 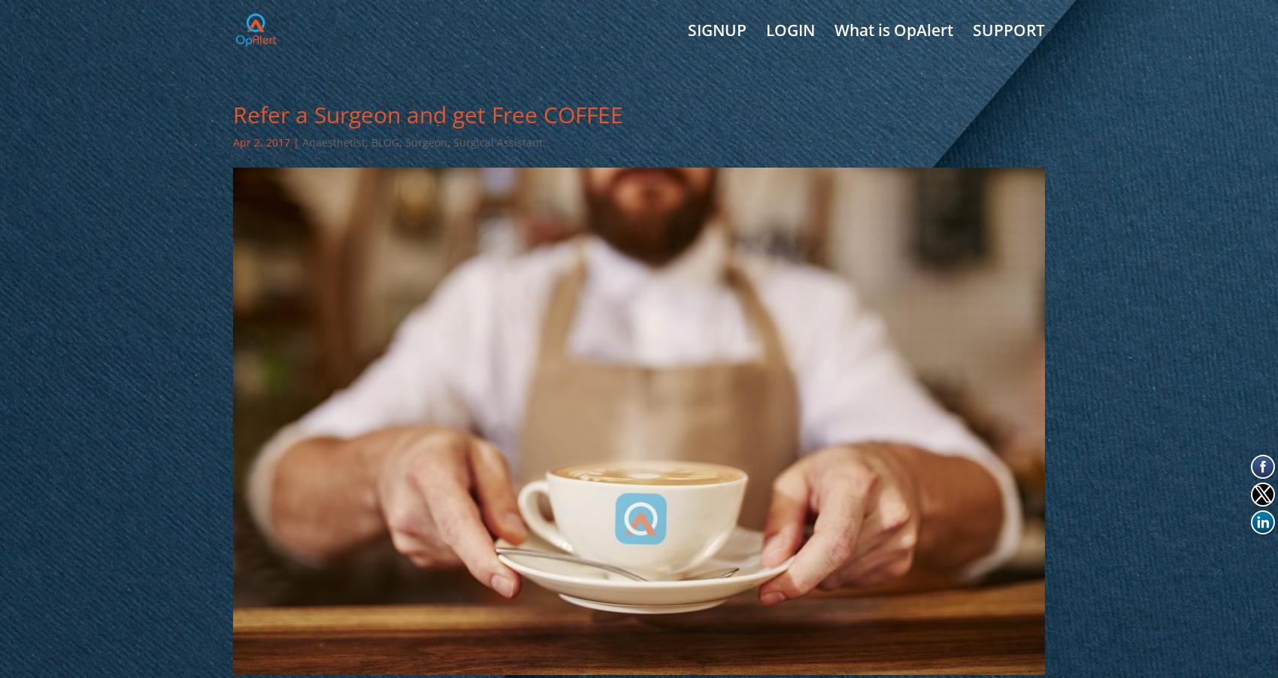 I want to click on 'Apr 2, 2017', so click(x=260, y=141).